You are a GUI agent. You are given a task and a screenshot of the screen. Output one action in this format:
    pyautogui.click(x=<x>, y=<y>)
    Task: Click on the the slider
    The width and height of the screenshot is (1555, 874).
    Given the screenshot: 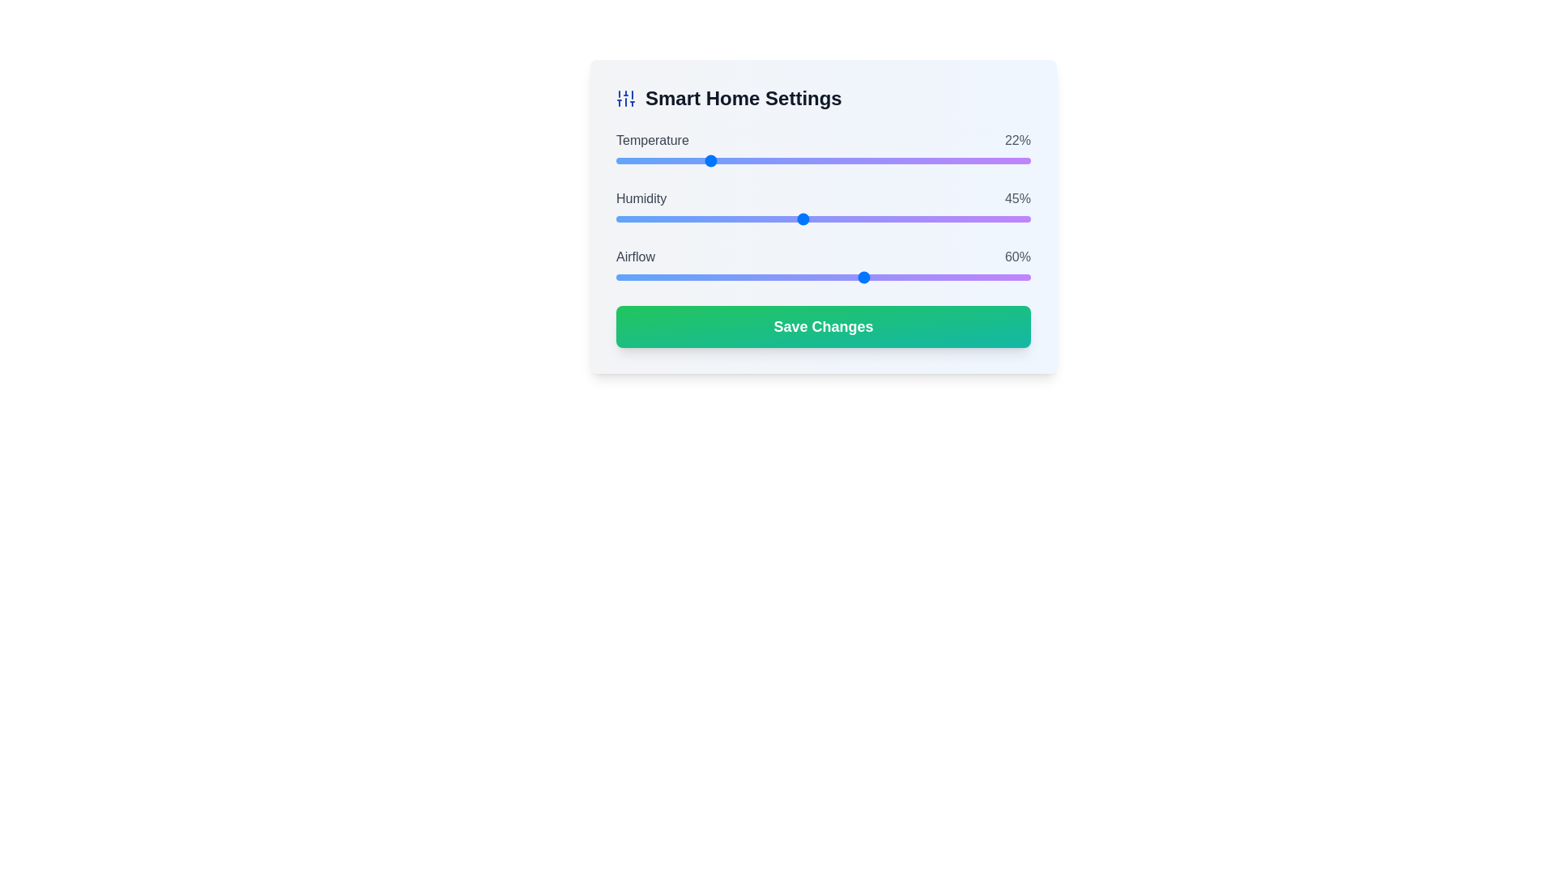 What is the action you would take?
    pyautogui.click(x=674, y=161)
    